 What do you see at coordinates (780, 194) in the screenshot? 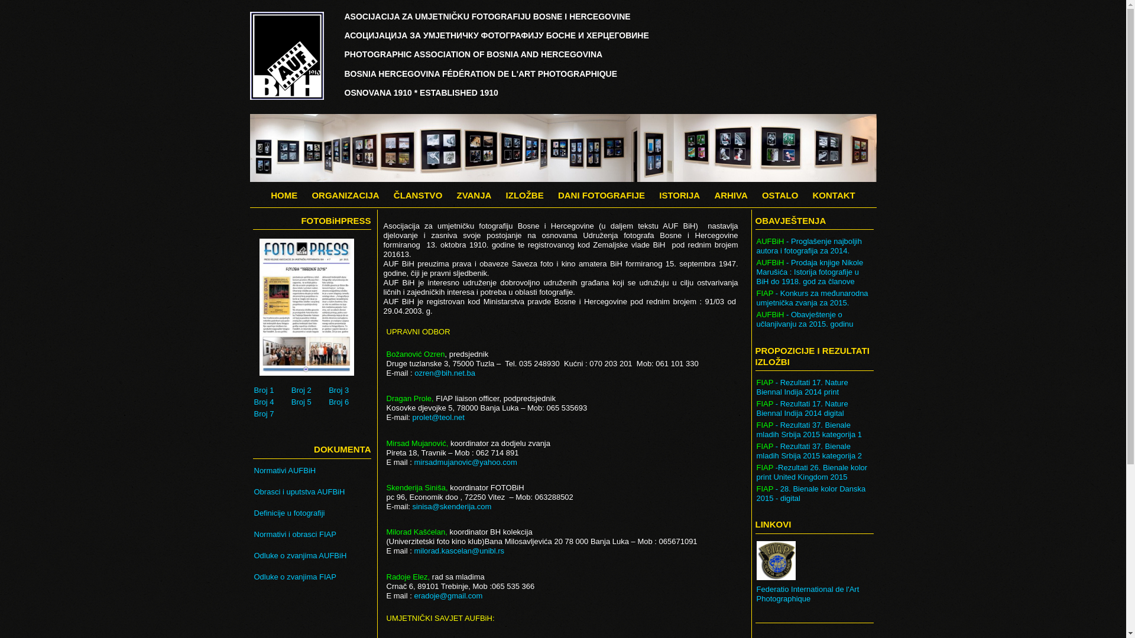
I see `'OSTALO'` at bounding box center [780, 194].